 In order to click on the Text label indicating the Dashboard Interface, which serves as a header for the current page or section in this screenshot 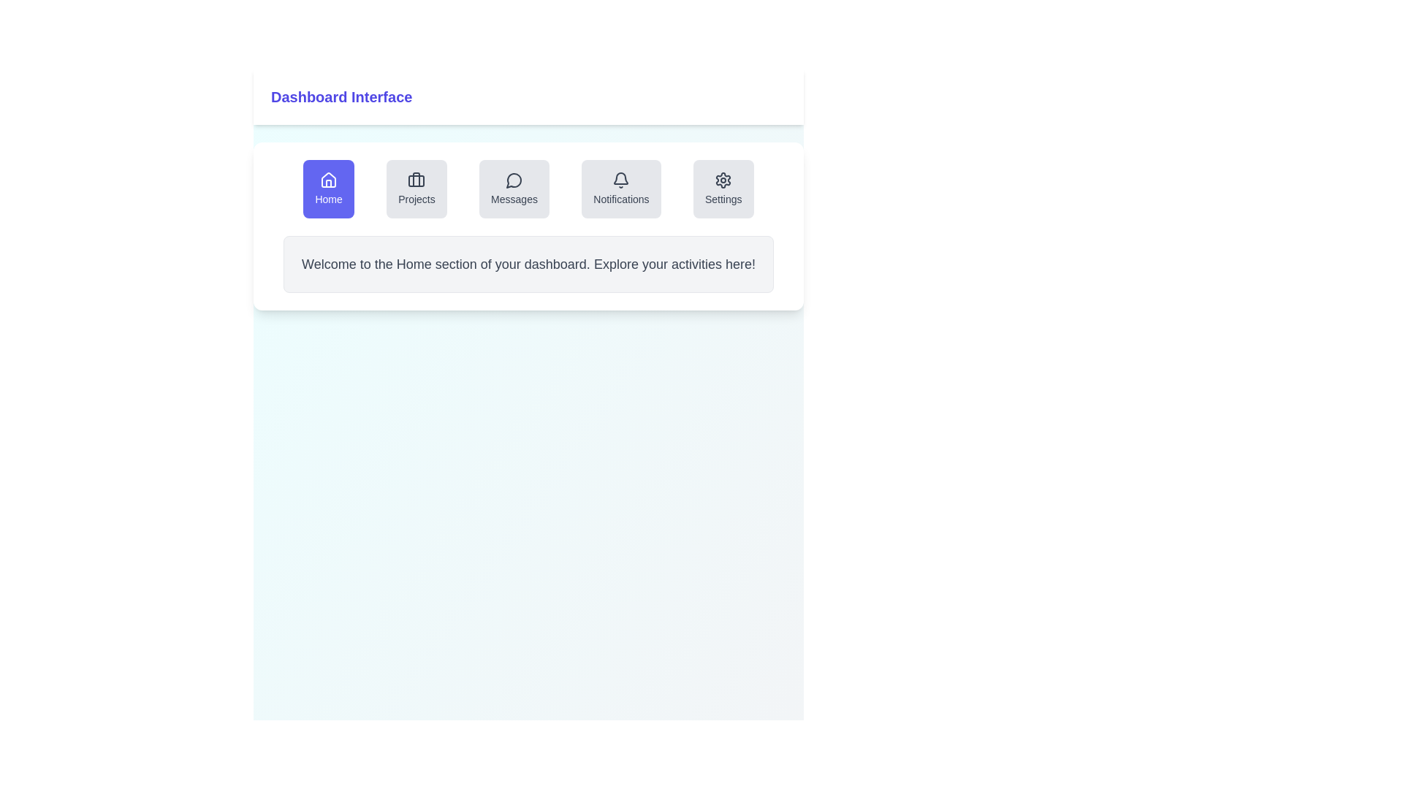, I will do `click(341, 96)`.